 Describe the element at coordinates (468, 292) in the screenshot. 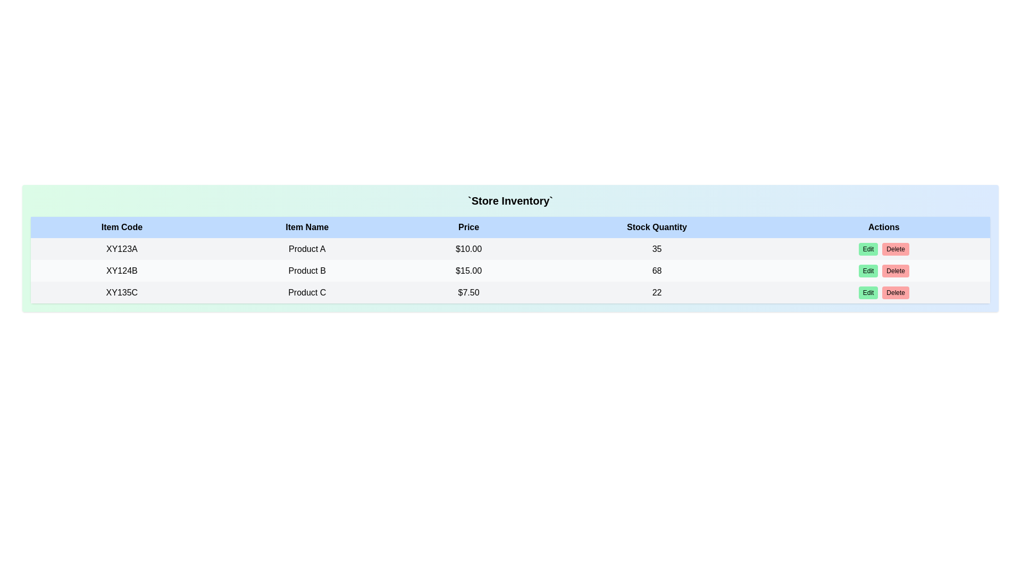

I see `the text label displaying the price '$7.50' in the third row of the 'Store Inventory' table, under the 'Price' column, which is the second cell to the right of 'XY135C'` at that location.